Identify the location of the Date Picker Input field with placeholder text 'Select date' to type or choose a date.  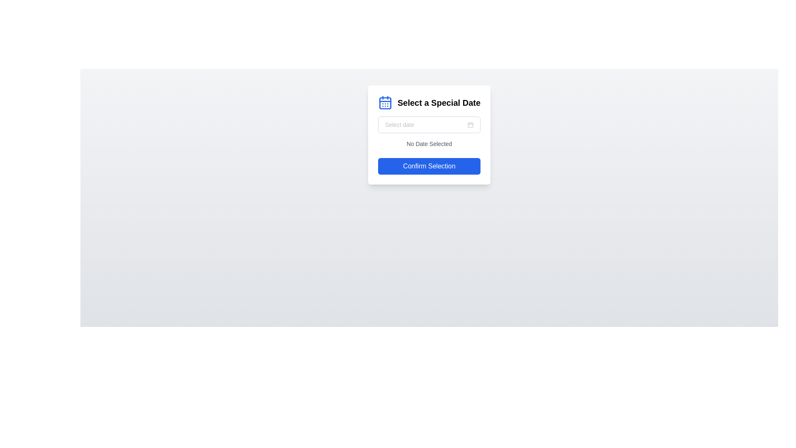
(429, 124).